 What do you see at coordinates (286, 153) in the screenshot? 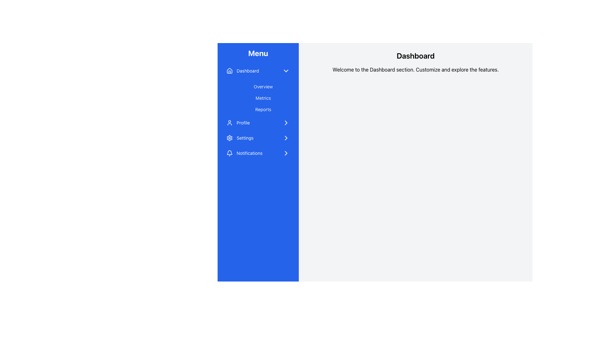
I see `the right-facing chevron arrow icon located to the right of the Notifications text label in the application's side menu` at bounding box center [286, 153].